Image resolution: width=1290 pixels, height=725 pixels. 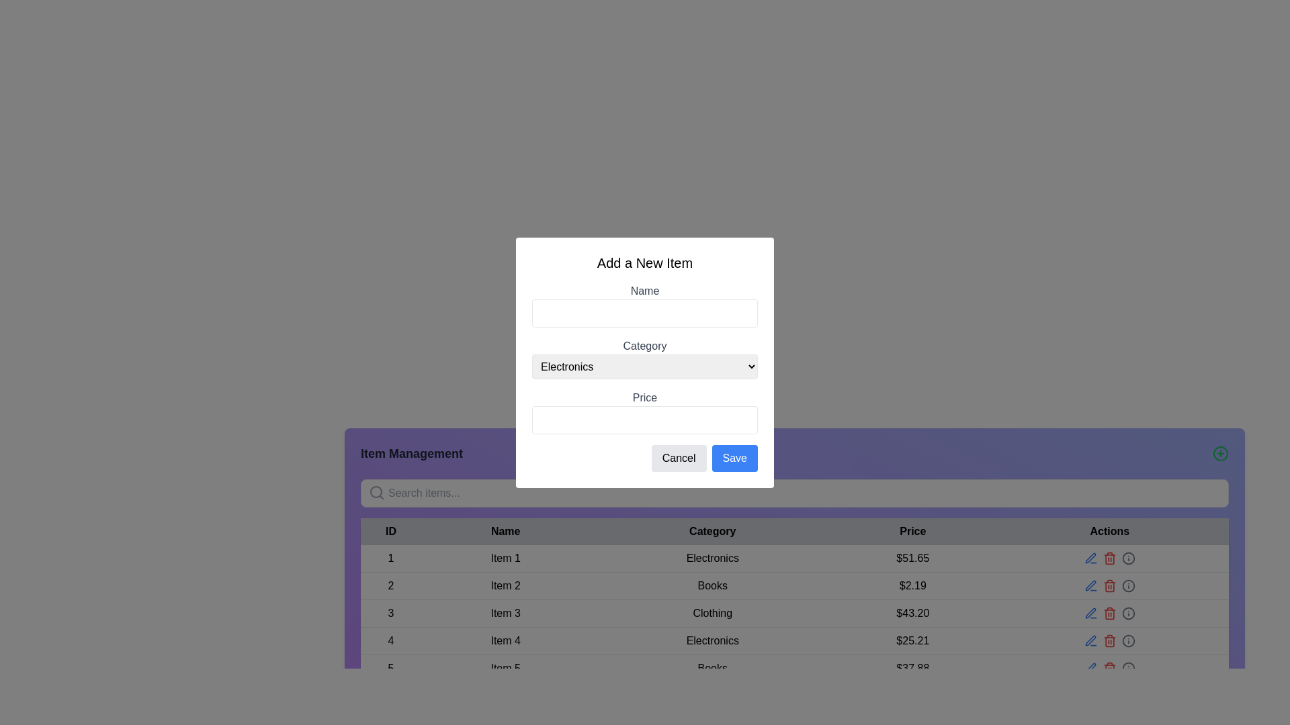 What do you see at coordinates (411, 453) in the screenshot?
I see `the bold text label reading 'Item Management' styled in large font size and dark gray color, prominently placed against a purple background in the top-left corner of its section` at bounding box center [411, 453].